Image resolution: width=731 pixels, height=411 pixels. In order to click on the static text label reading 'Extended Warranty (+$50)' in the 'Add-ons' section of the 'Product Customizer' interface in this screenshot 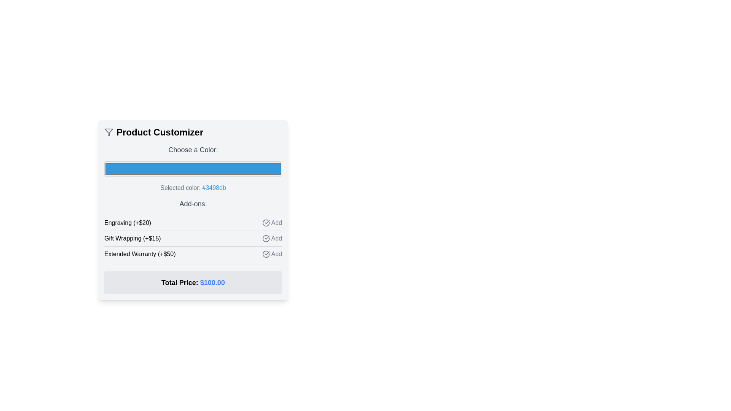, I will do `click(140, 254)`.